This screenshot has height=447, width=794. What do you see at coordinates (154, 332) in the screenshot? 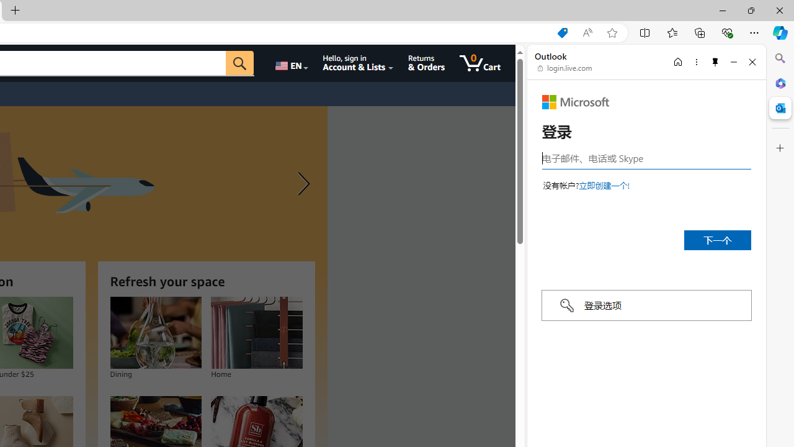
I see `'Dining'` at bounding box center [154, 332].